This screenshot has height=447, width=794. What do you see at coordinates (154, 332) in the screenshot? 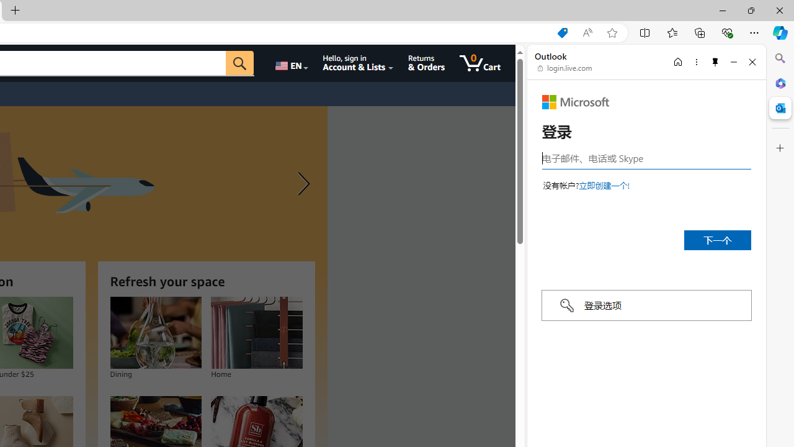
I see `'Dining'` at bounding box center [154, 332].